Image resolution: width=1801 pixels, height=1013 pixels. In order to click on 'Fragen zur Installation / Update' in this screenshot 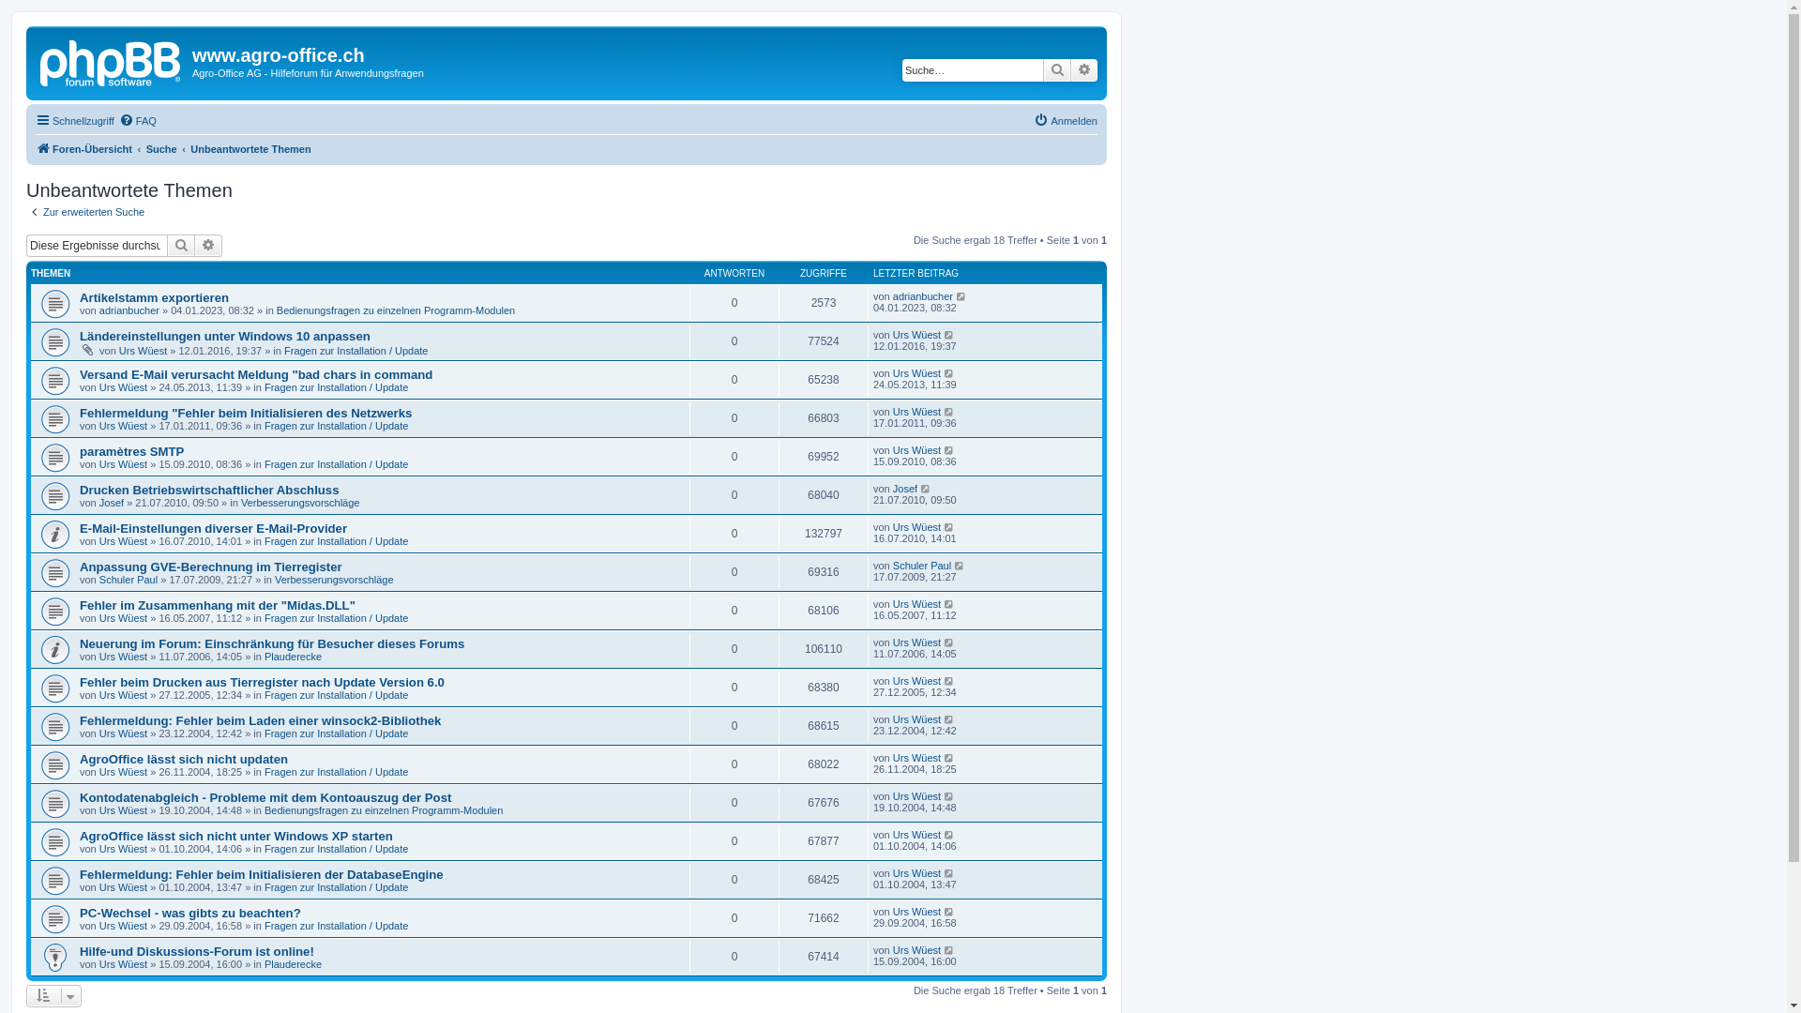, I will do `click(336, 771)`.